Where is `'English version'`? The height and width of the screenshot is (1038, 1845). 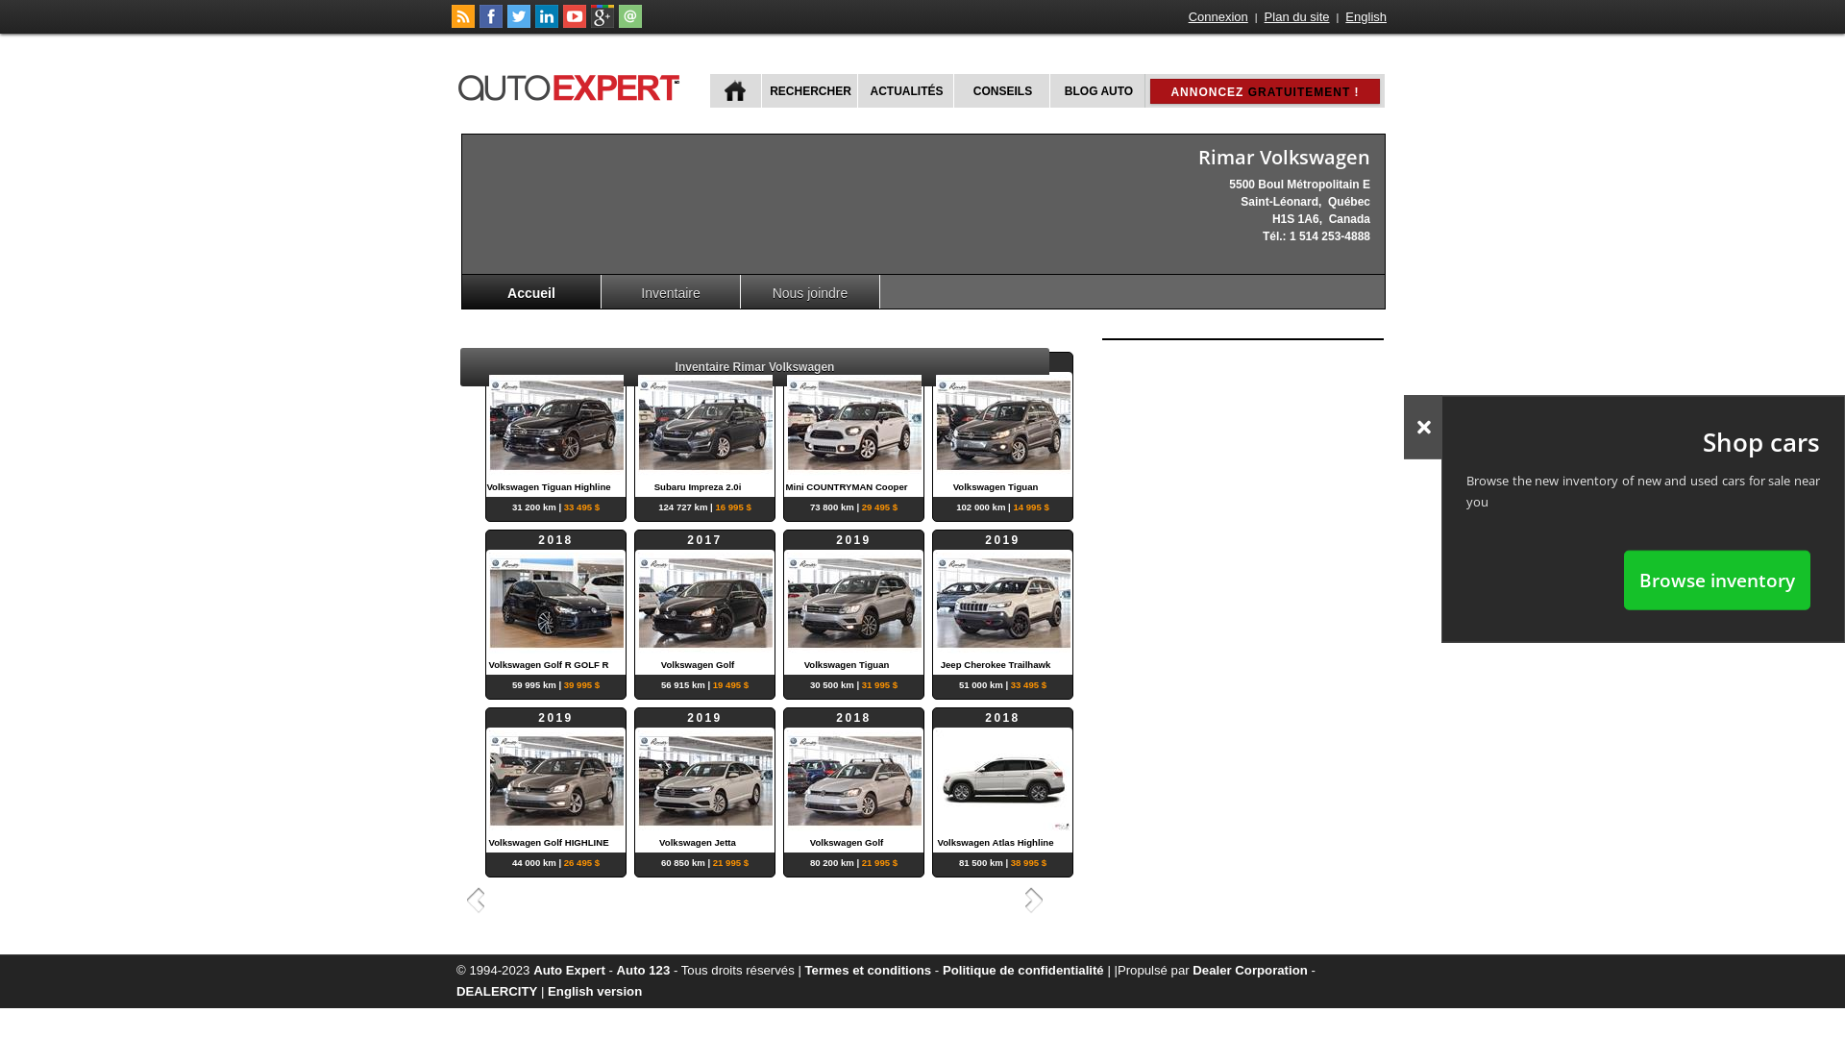 'English version' is located at coordinates (594, 991).